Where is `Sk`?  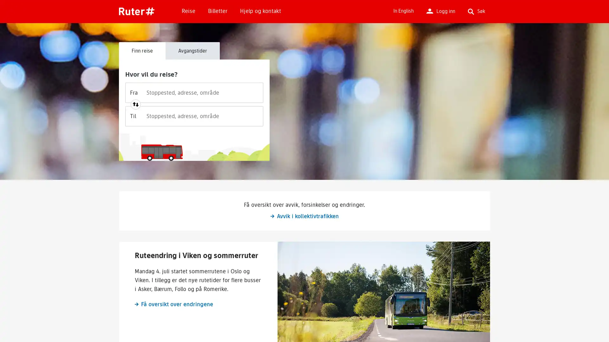 Sk is located at coordinates (406, 57).